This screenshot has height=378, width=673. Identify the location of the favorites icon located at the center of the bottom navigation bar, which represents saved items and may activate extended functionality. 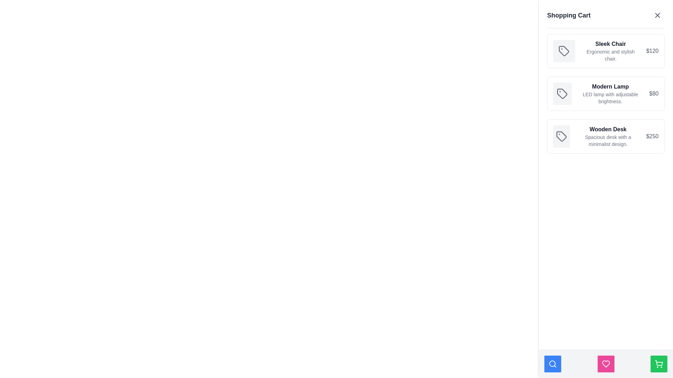
(605, 364).